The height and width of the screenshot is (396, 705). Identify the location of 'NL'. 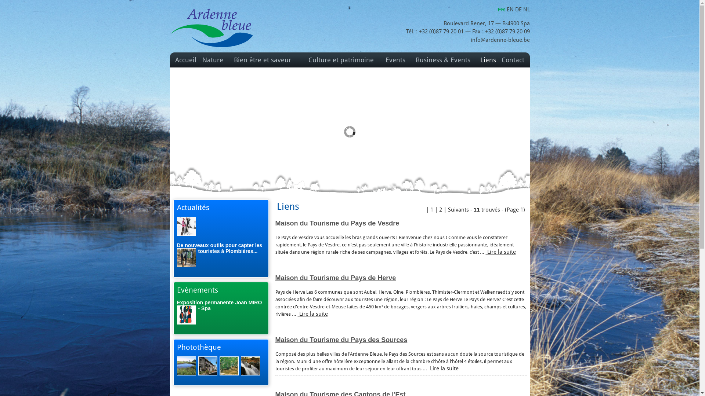
(526, 10).